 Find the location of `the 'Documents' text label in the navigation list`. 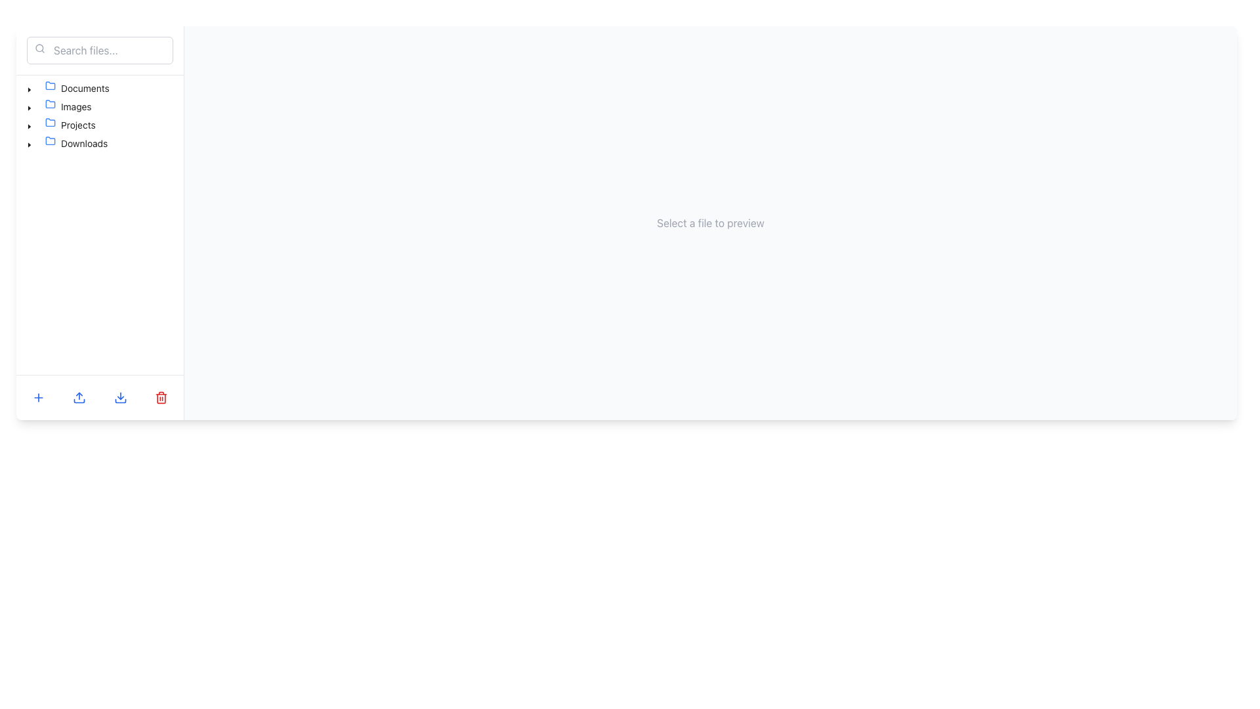

the 'Documents' text label in the navigation list is located at coordinates (84, 88).